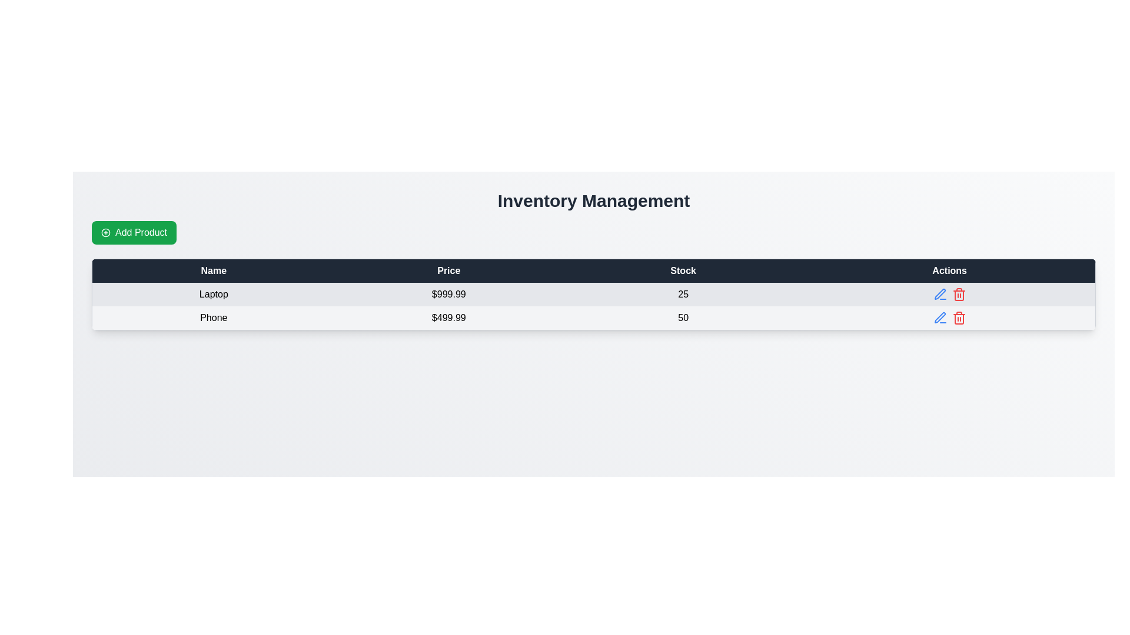  What do you see at coordinates (683, 270) in the screenshot?
I see `the static text label or table header cell labeled 'Stock', which is a dark blue rectangular bar with white, bold, centered text` at bounding box center [683, 270].